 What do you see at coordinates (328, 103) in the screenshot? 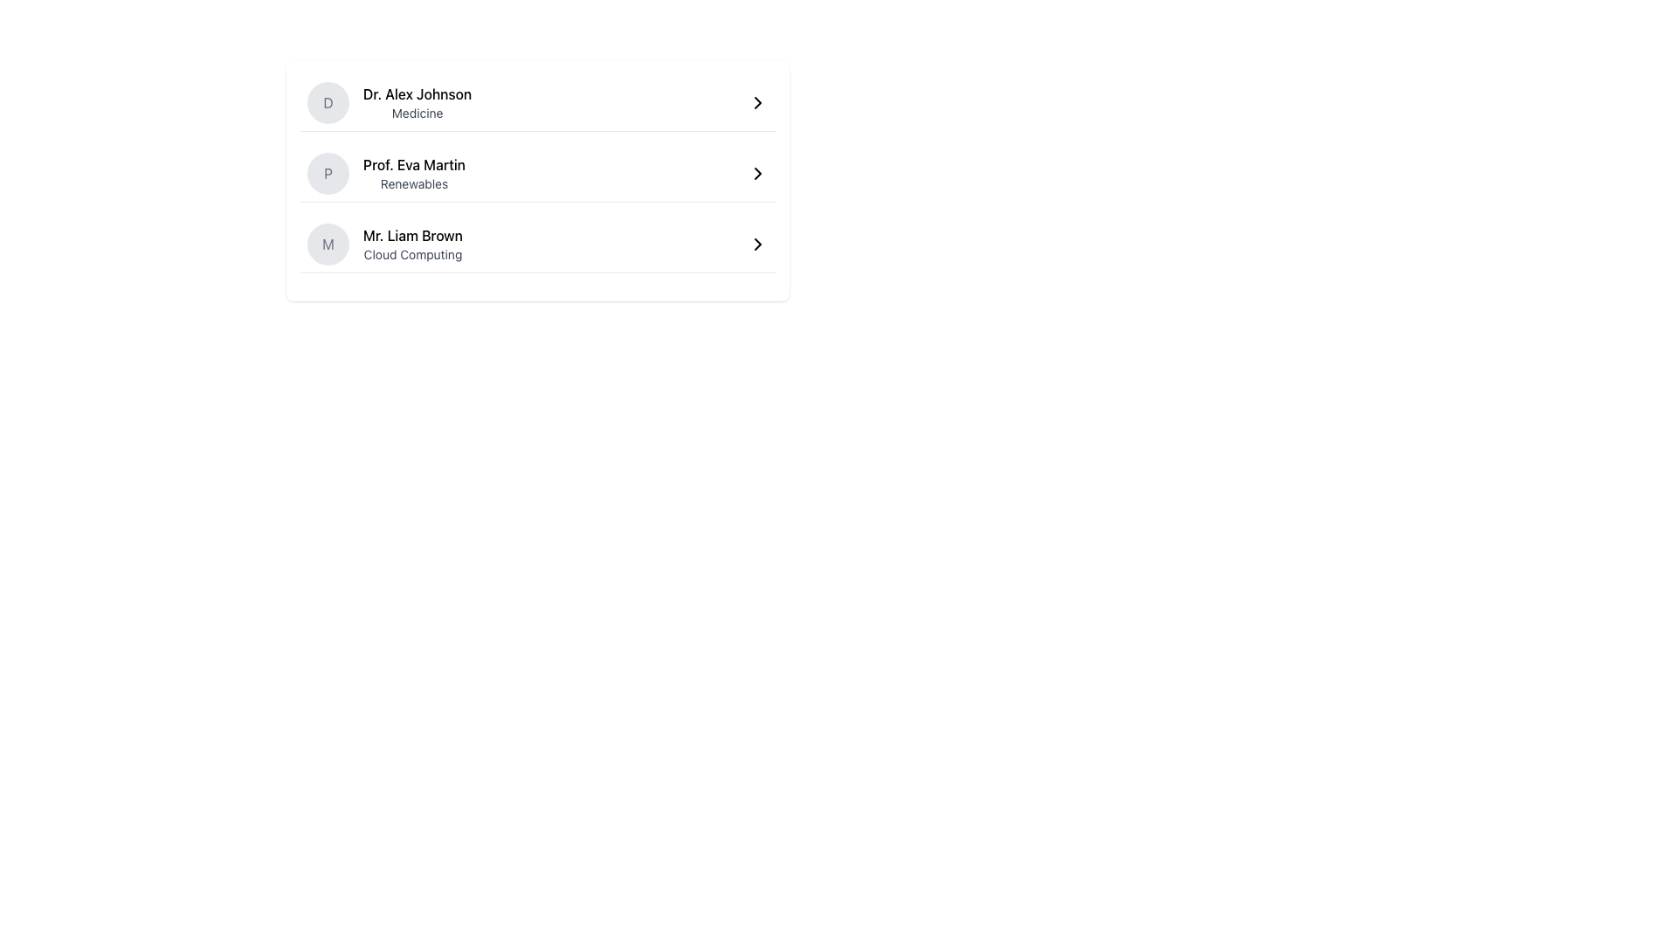
I see `the circular avatar representing the user 'Dr. Alex Johnson' located to the left of their name in the vertical list` at bounding box center [328, 103].